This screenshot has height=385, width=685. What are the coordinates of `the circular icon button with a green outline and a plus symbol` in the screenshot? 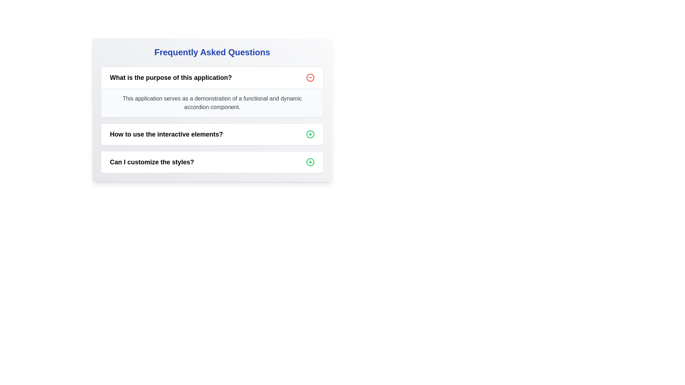 It's located at (310, 134).